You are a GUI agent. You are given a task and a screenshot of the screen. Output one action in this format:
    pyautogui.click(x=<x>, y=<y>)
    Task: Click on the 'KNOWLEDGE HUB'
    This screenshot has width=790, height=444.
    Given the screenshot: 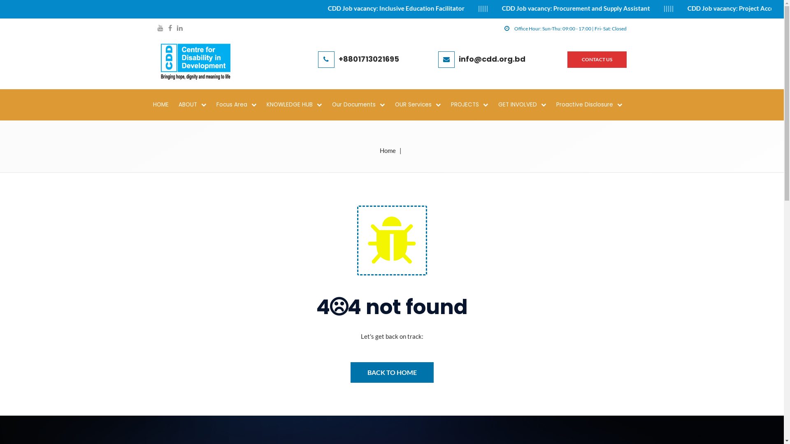 What is the action you would take?
    pyautogui.click(x=298, y=104)
    